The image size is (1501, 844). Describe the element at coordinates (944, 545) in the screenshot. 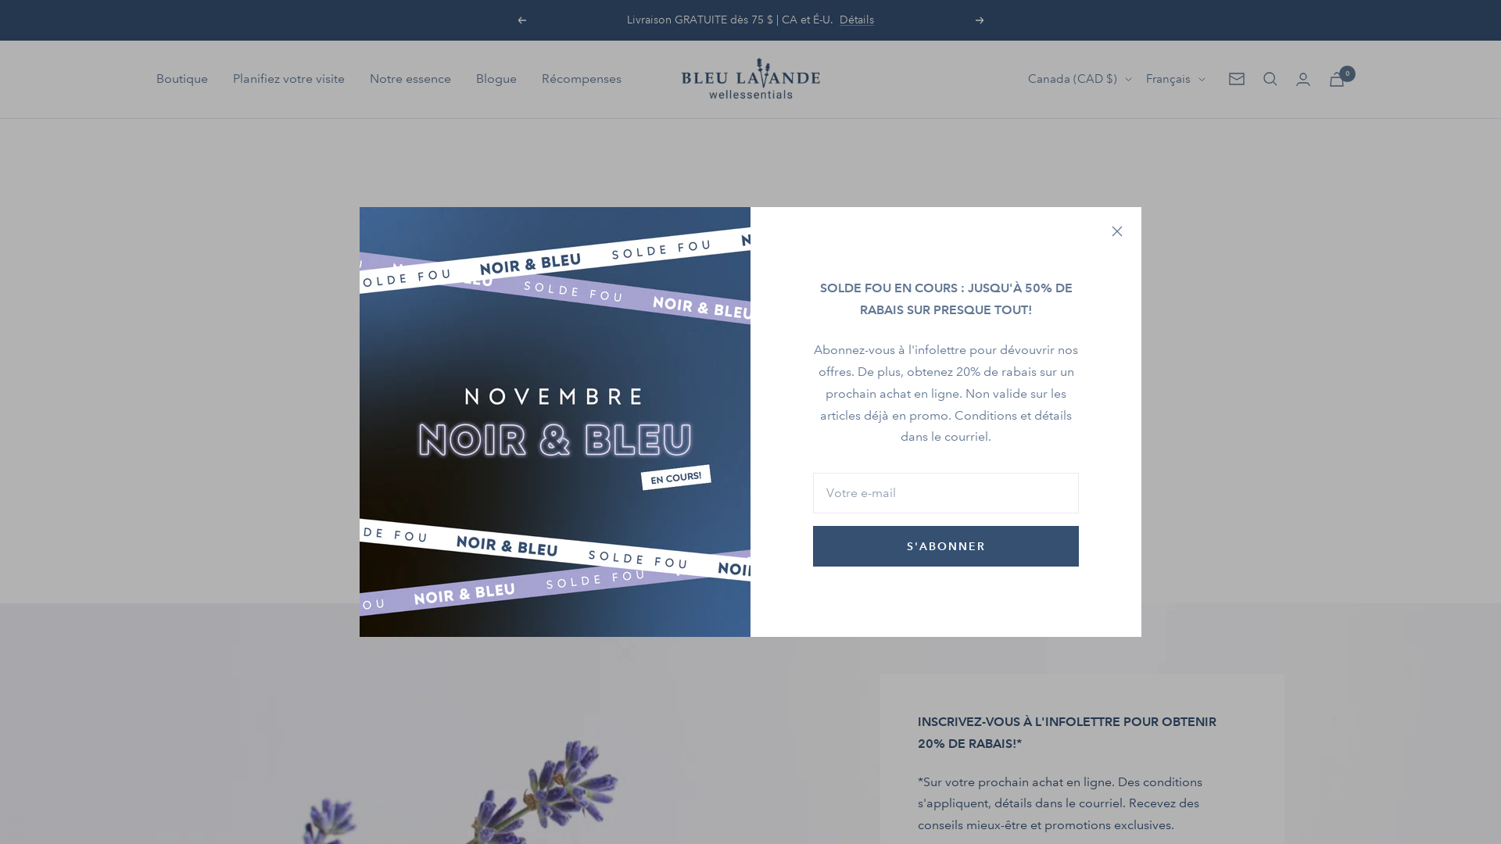

I see `'S'ABONNER'` at that location.